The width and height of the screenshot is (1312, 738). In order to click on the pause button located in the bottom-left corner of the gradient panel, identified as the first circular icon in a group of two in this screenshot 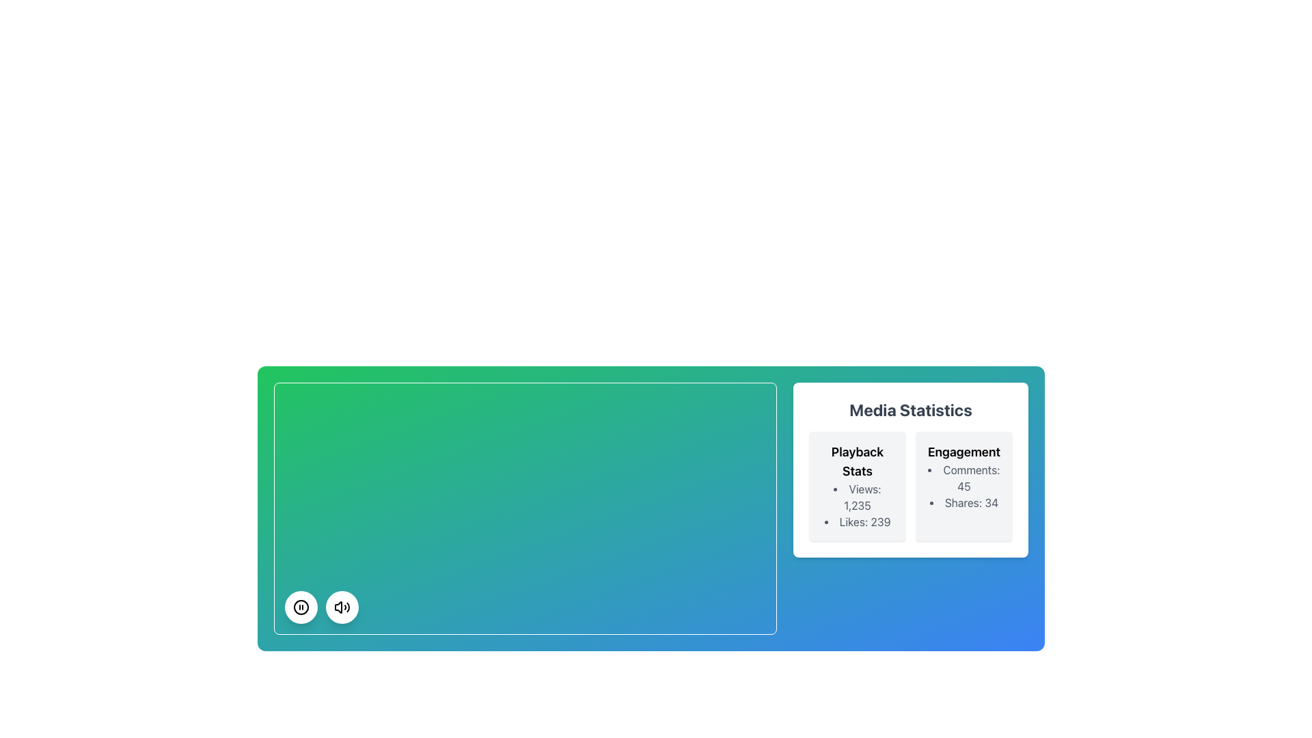, I will do `click(301, 606)`.